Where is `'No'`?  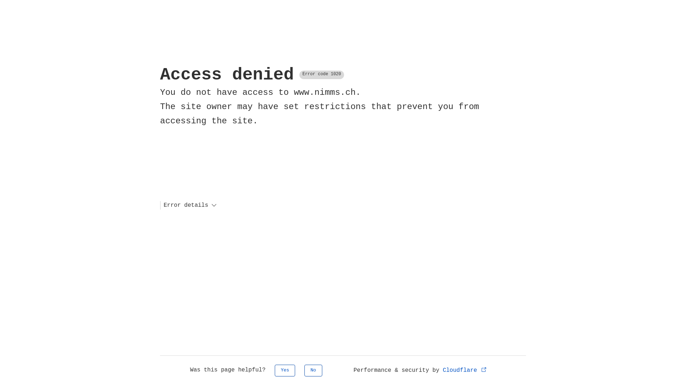 'No' is located at coordinates (313, 370).